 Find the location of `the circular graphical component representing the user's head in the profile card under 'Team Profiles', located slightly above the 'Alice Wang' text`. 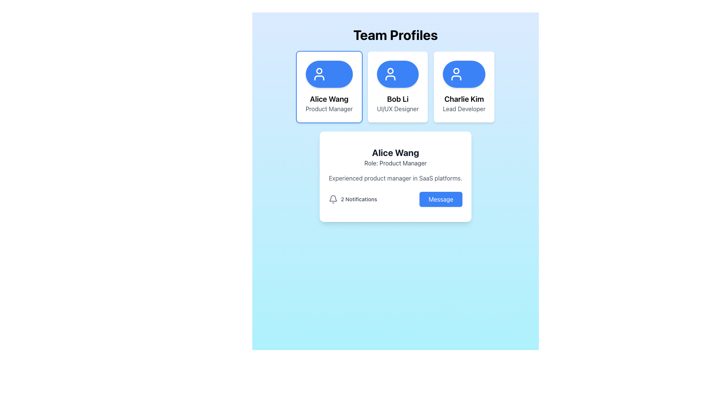

the circular graphical component representing the user's head in the profile card under 'Team Profiles', located slightly above the 'Alice Wang' text is located at coordinates (319, 71).